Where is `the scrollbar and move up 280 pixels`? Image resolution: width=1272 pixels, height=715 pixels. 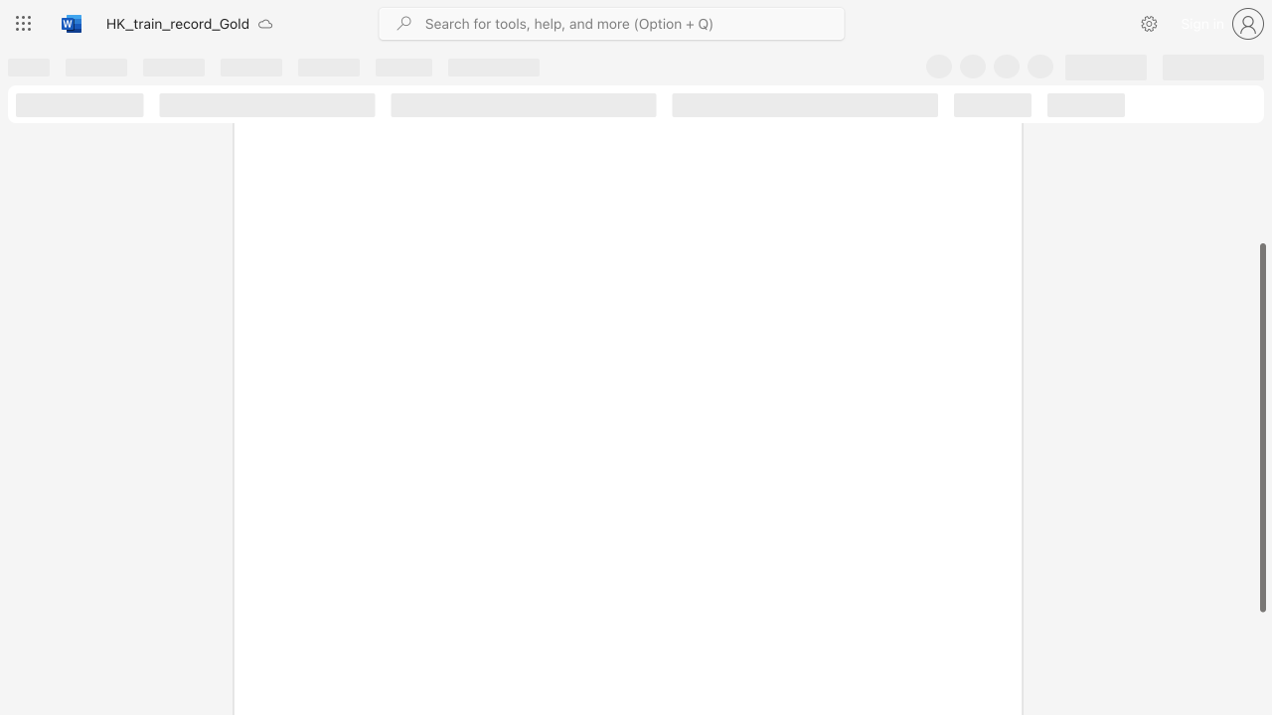
the scrollbar and move up 280 pixels is located at coordinates (1261, 427).